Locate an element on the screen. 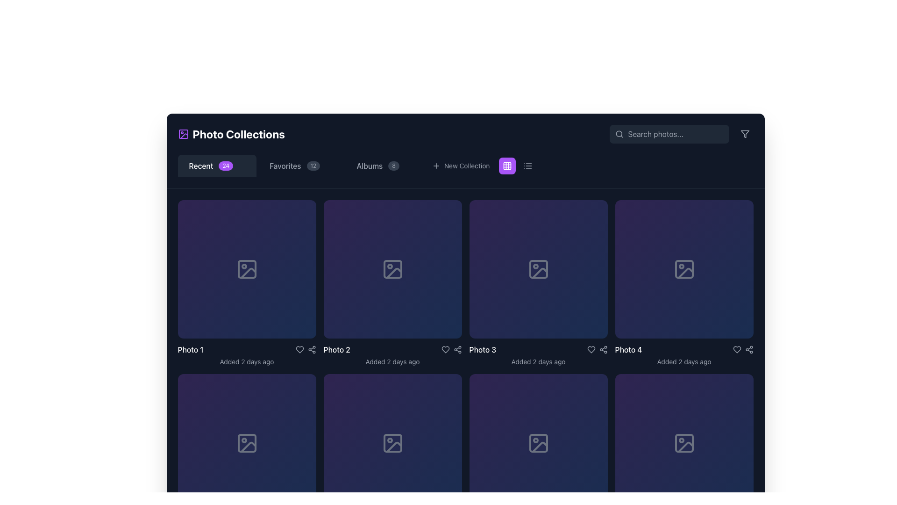  the 'Favorites' text label is located at coordinates (285, 165).